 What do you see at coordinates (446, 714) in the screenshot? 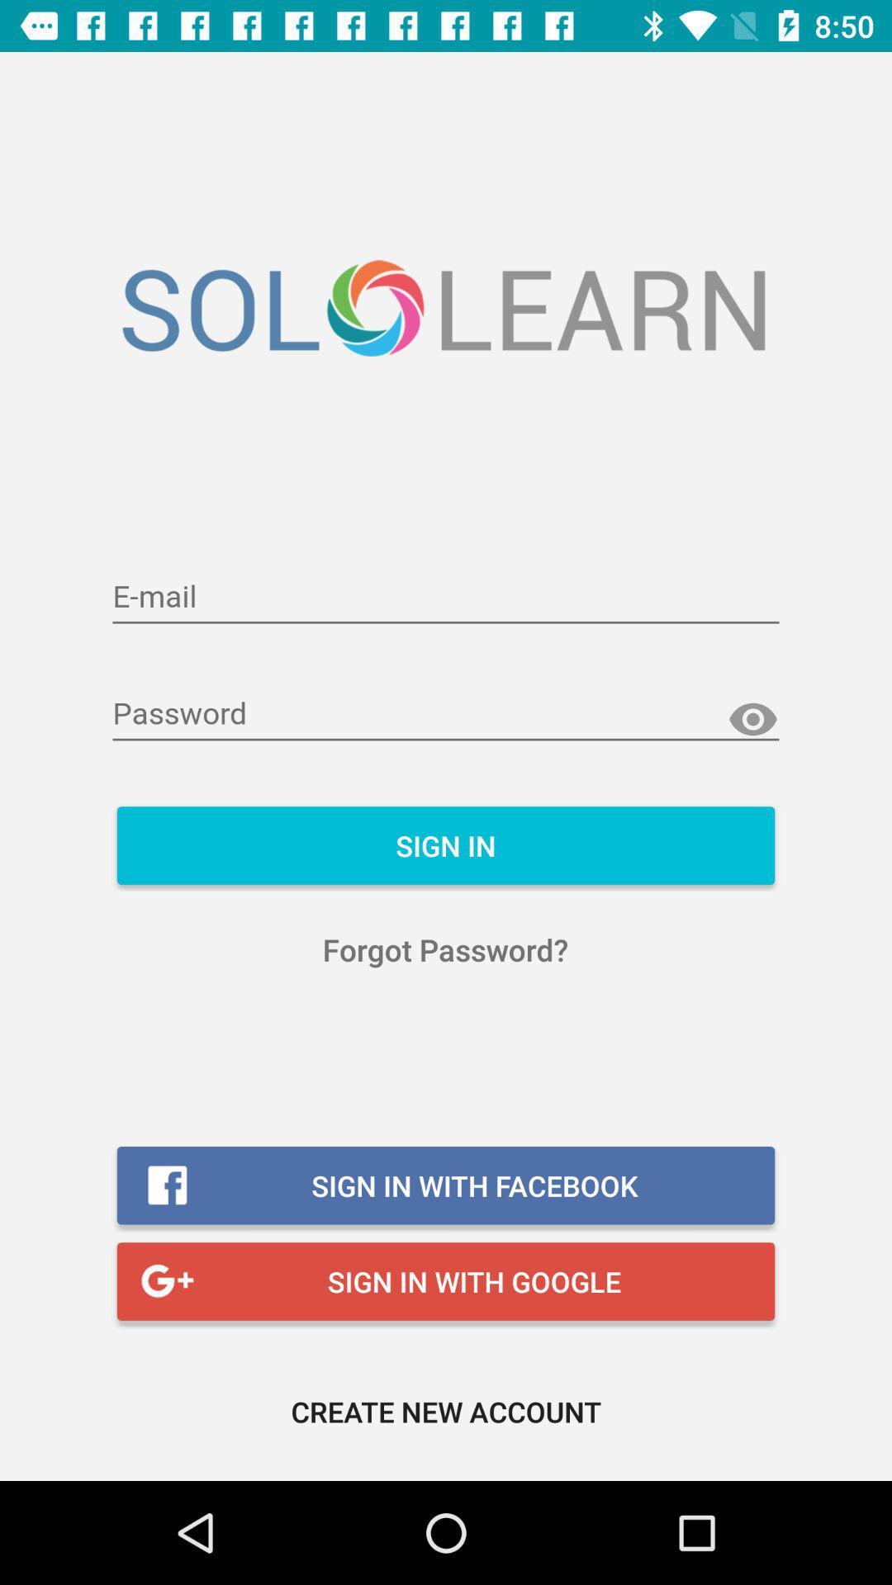
I see `input password` at bounding box center [446, 714].